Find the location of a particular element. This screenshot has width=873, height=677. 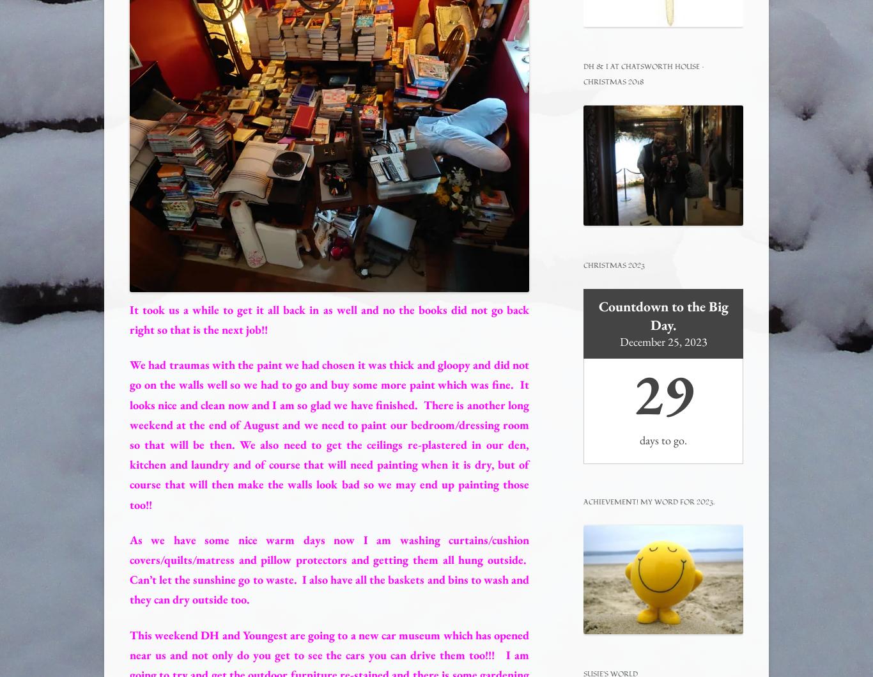

'Countdown to the Big Day.' is located at coordinates (662, 315).